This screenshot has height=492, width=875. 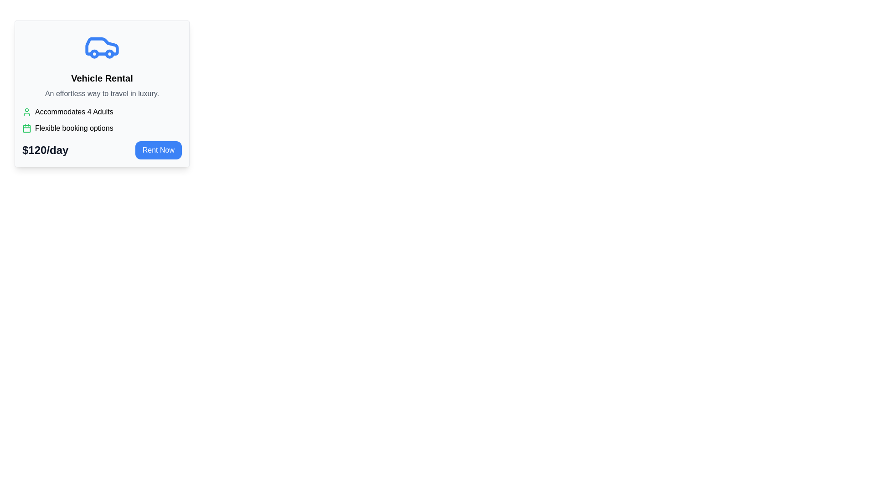 I want to click on the text 'Flexible booking options' which is accompanied by a small green calendar icon, located below 'Accommodates 4 Adults' and above '$120/day' in the 'Vehicle Rental' section, so click(x=102, y=128).